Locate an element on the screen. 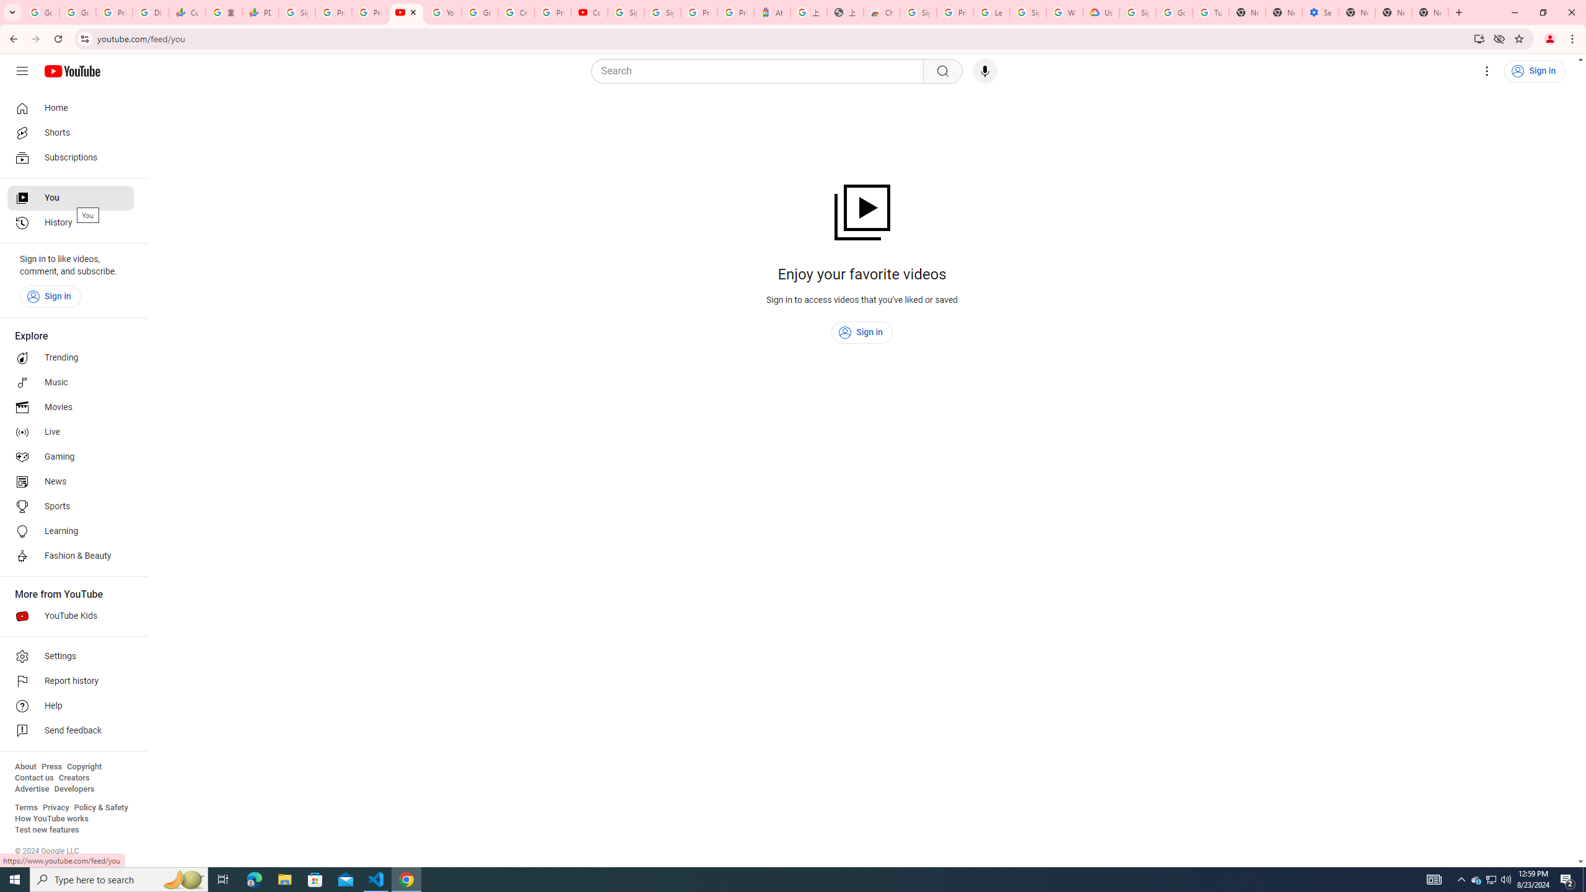  'Press' is located at coordinates (51, 766).